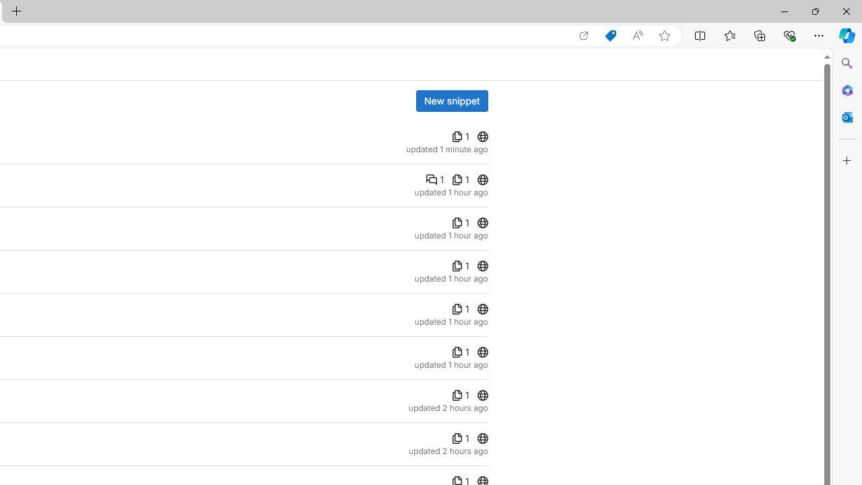 The height and width of the screenshot is (485, 862). What do you see at coordinates (584, 35) in the screenshot?
I see `'Open in app'` at bounding box center [584, 35].